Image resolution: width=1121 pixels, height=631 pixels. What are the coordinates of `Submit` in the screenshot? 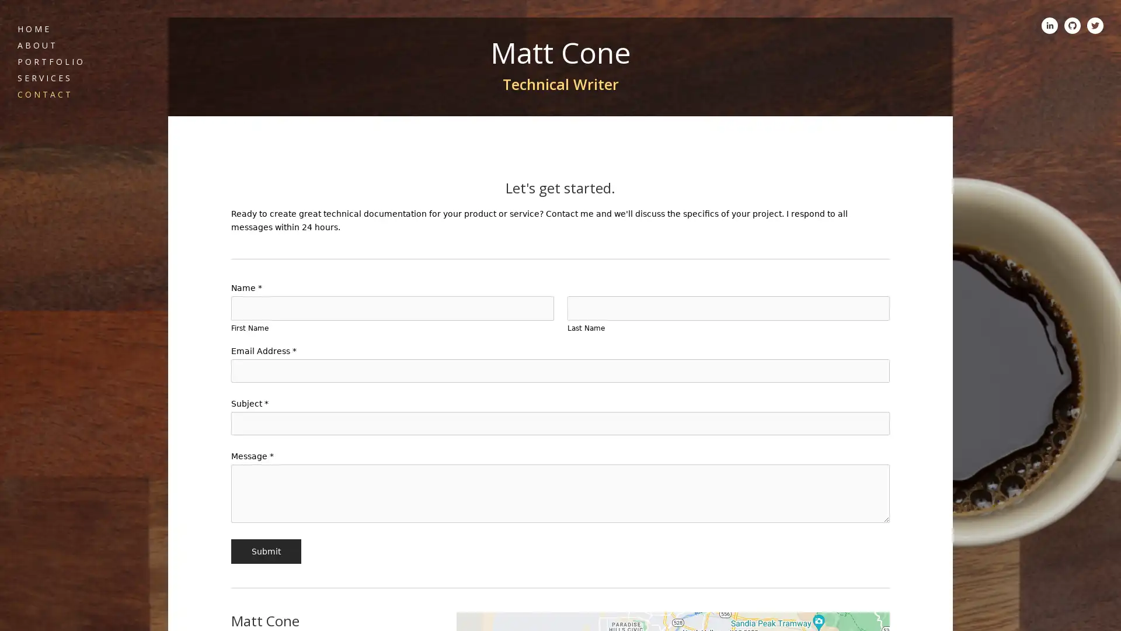 It's located at (265, 552).